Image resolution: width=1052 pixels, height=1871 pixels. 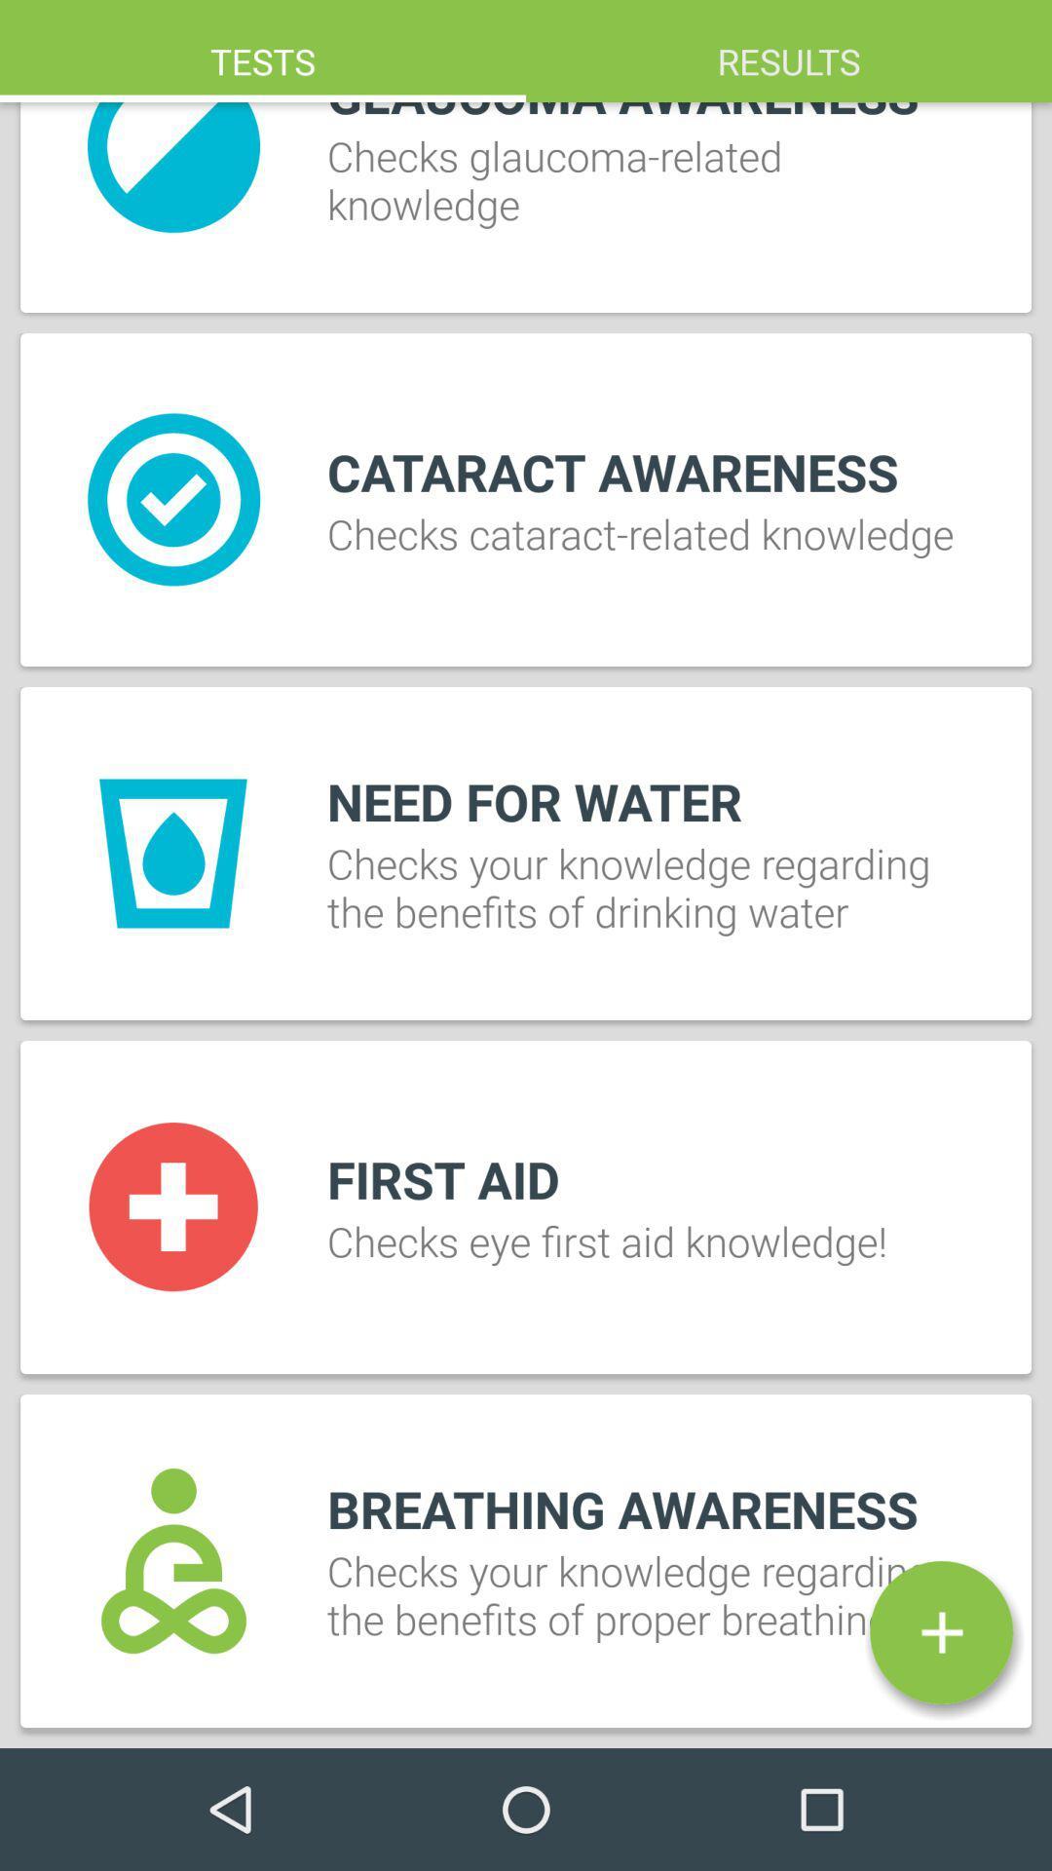 I want to click on the add icon, so click(x=940, y=1632).